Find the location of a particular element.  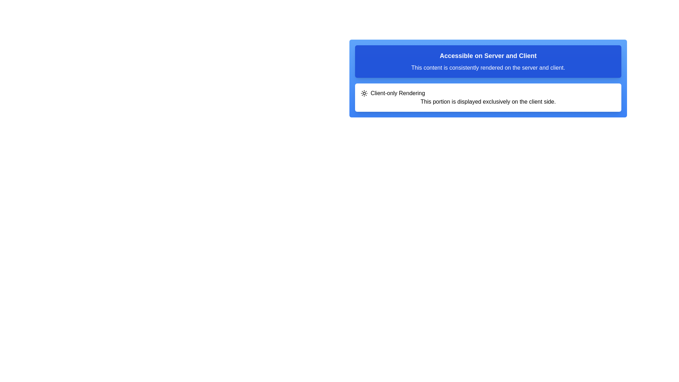

the second text element located beneath the heading 'Client-only Rendering' in the white section that indicates the content is specific to the client side is located at coordinates (488, 102).